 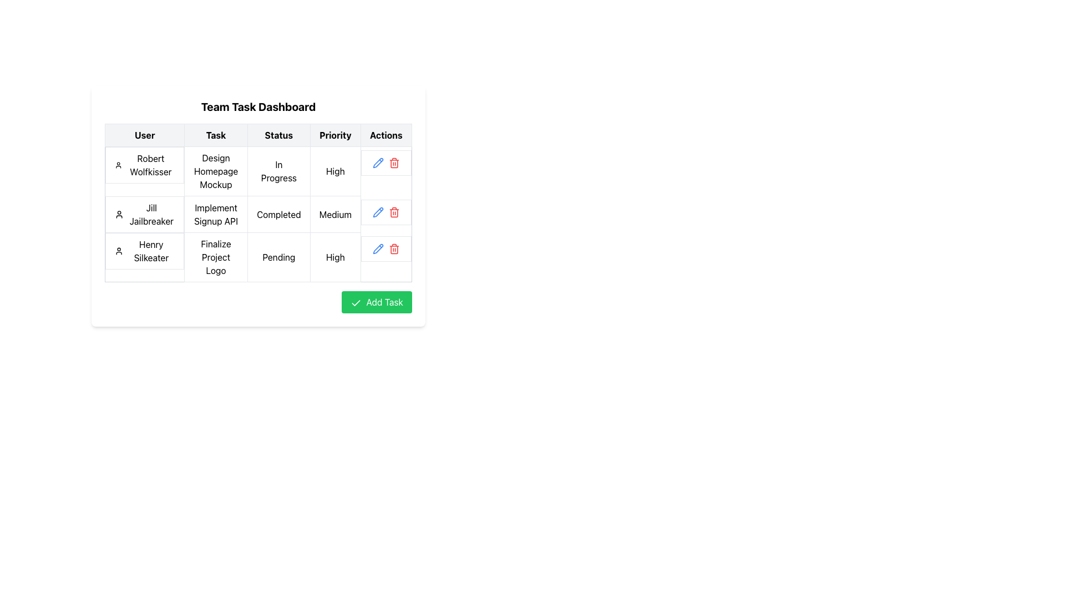 What do you see at coordinates (144, 251) in the screenshot?
I see `the text and icon displaying the user name 'Henry Silkeater' located in the third row and first column of the 'Team Task Dashboard' table` at bounding box center [144, 251].